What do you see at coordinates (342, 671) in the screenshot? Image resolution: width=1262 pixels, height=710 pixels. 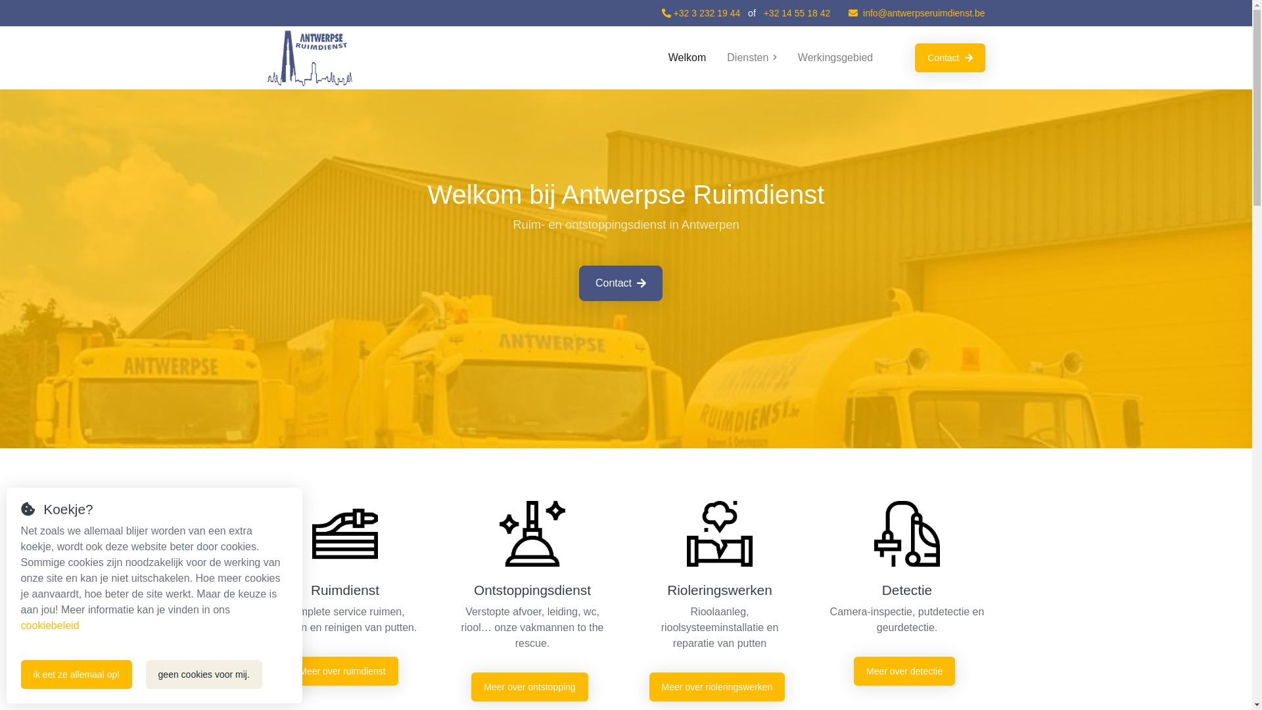 I see `'Meer over ruimdienst'` at bounding box center [342, 671].